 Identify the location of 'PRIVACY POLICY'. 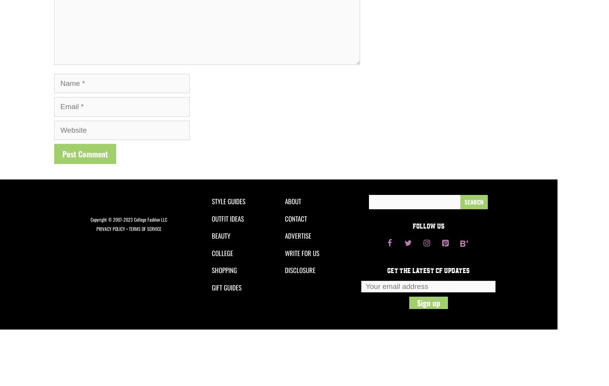
(110, 228).